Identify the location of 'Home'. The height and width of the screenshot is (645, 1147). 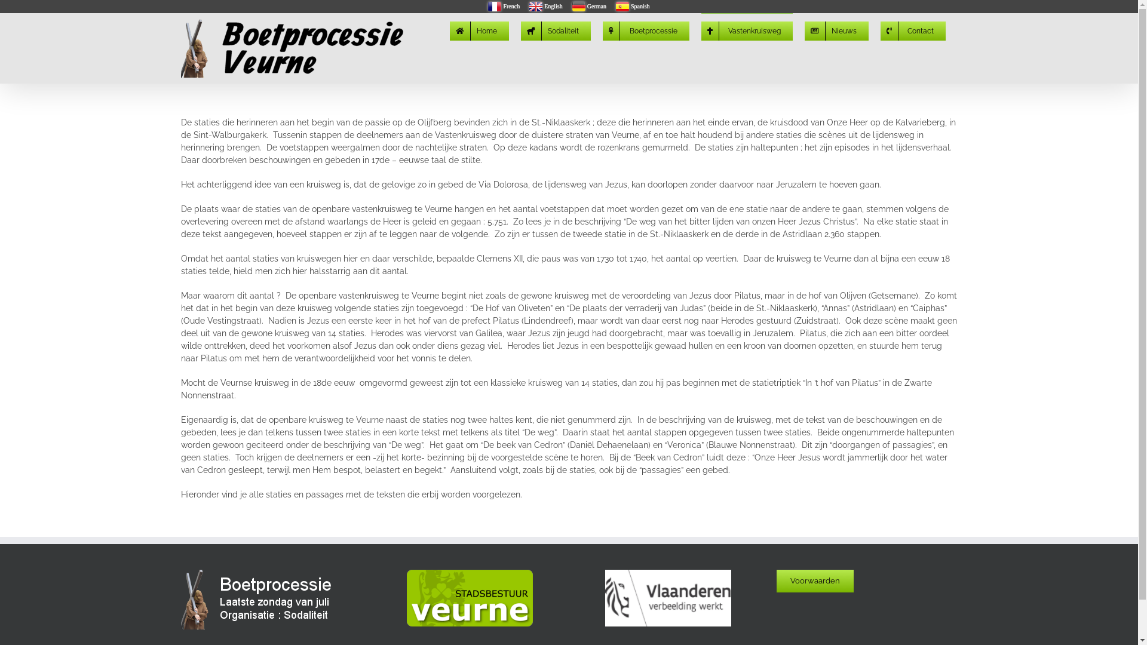
(479, 29).